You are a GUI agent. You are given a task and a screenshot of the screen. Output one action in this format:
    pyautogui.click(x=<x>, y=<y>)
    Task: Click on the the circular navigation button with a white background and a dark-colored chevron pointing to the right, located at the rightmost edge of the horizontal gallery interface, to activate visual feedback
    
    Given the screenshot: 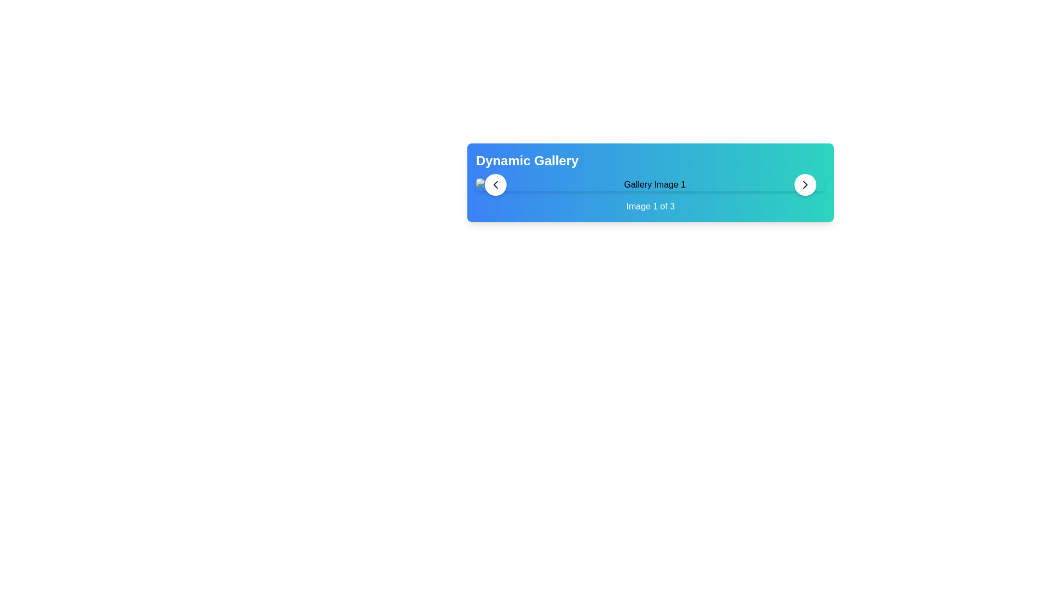 What is the action you would take?
    pyautogui.click(x=805, y=184)
    